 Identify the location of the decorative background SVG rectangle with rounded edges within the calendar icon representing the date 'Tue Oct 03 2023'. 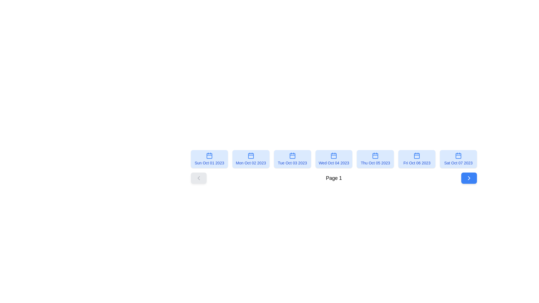
(292, 156).